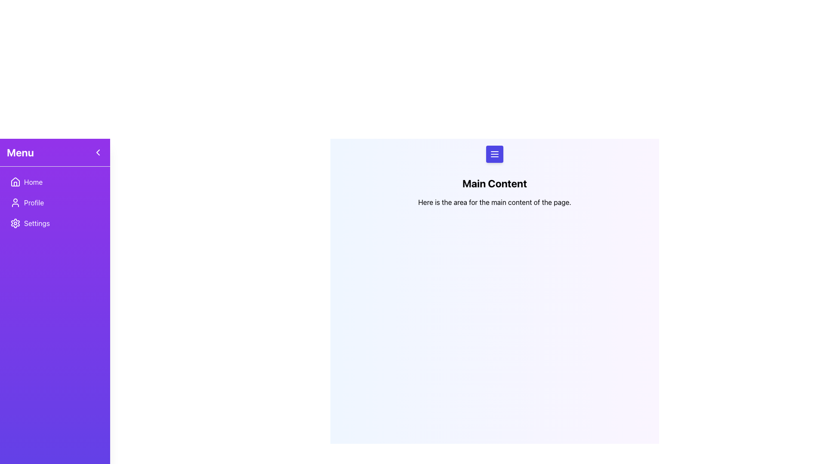  Describe the element at coordinates (33, 182) in the screenshot. I see `the 'Home' text label in the vertical side menu panel, which indicates the purpose of the associated menu item` at that location.